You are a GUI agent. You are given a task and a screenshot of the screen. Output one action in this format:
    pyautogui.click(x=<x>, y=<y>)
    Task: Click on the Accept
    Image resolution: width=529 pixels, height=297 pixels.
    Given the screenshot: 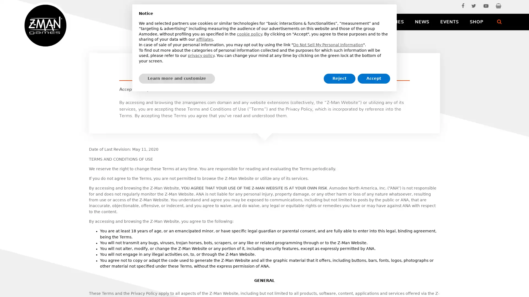 What is the action you would take?
    pyautogui.click(x=374, y=78)
    